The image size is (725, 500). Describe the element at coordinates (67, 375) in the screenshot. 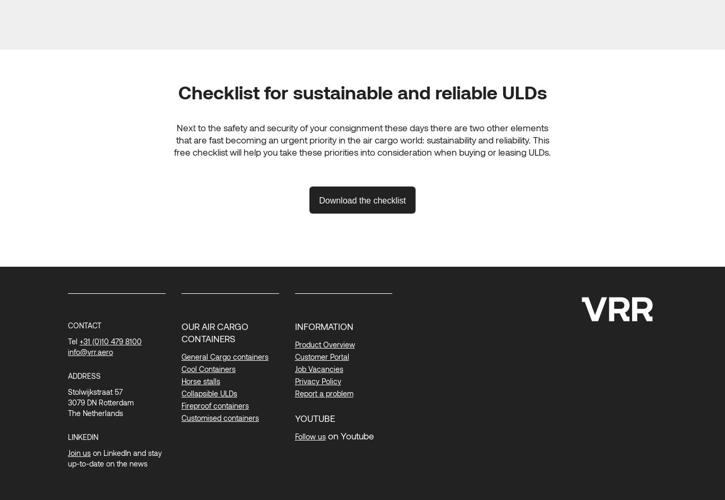

I see `'Address'` at that location.